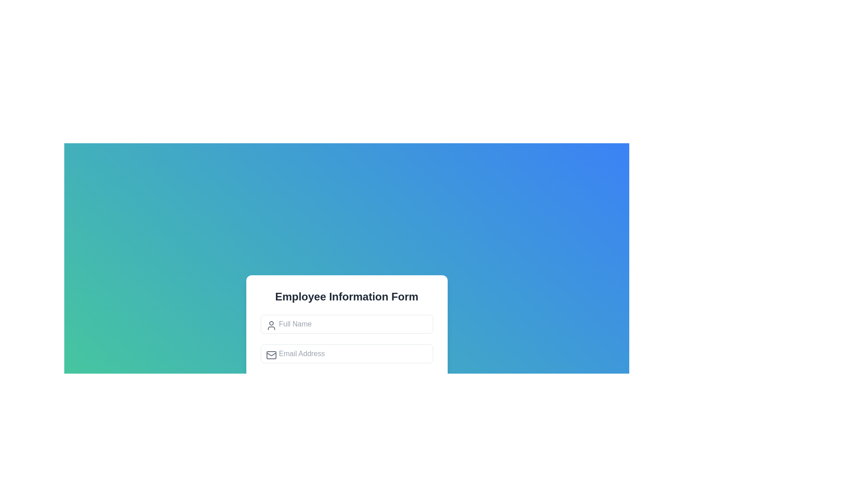 This screenshot has height=485, width=863. What do you see at coordinates (271, 354) in the screenshot?
I see `the mail icon located above the 'Email Address' text field to indicate its purpose for email entry` at bounding box center [271, 354].